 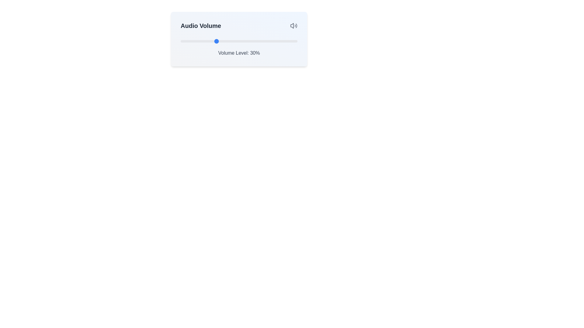 What do you see at coordinates (262, 41) in the screenshot?
I see `the volume level` at bounding box center [262, 41].